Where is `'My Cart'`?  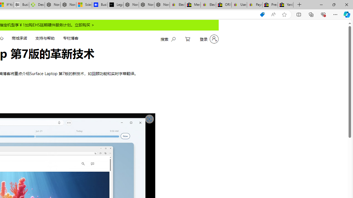 'My Cart' is located at coordinates (188, 39).